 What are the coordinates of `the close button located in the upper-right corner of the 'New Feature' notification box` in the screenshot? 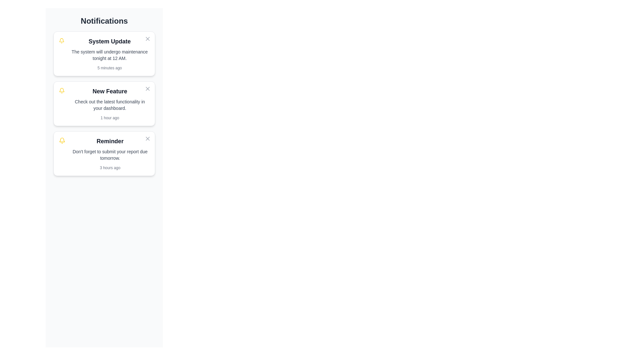 It's located at (147, 88).